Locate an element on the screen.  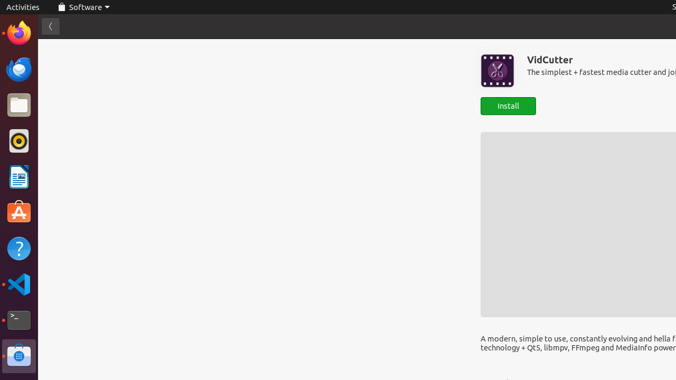
'Software' is located at coordinates (82, 7).